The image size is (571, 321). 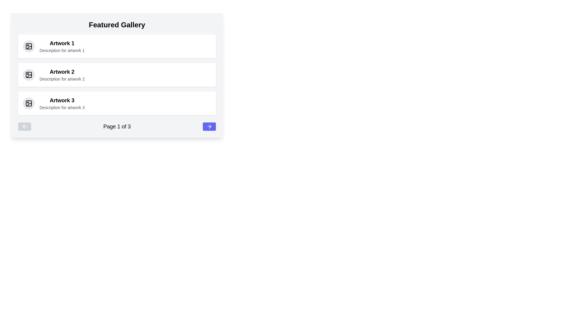 I want to click on the circular icon with a gray background and a black image-style icon located to the left of the 'Artwork 1' text in the card component, so click(x=28, y=46).